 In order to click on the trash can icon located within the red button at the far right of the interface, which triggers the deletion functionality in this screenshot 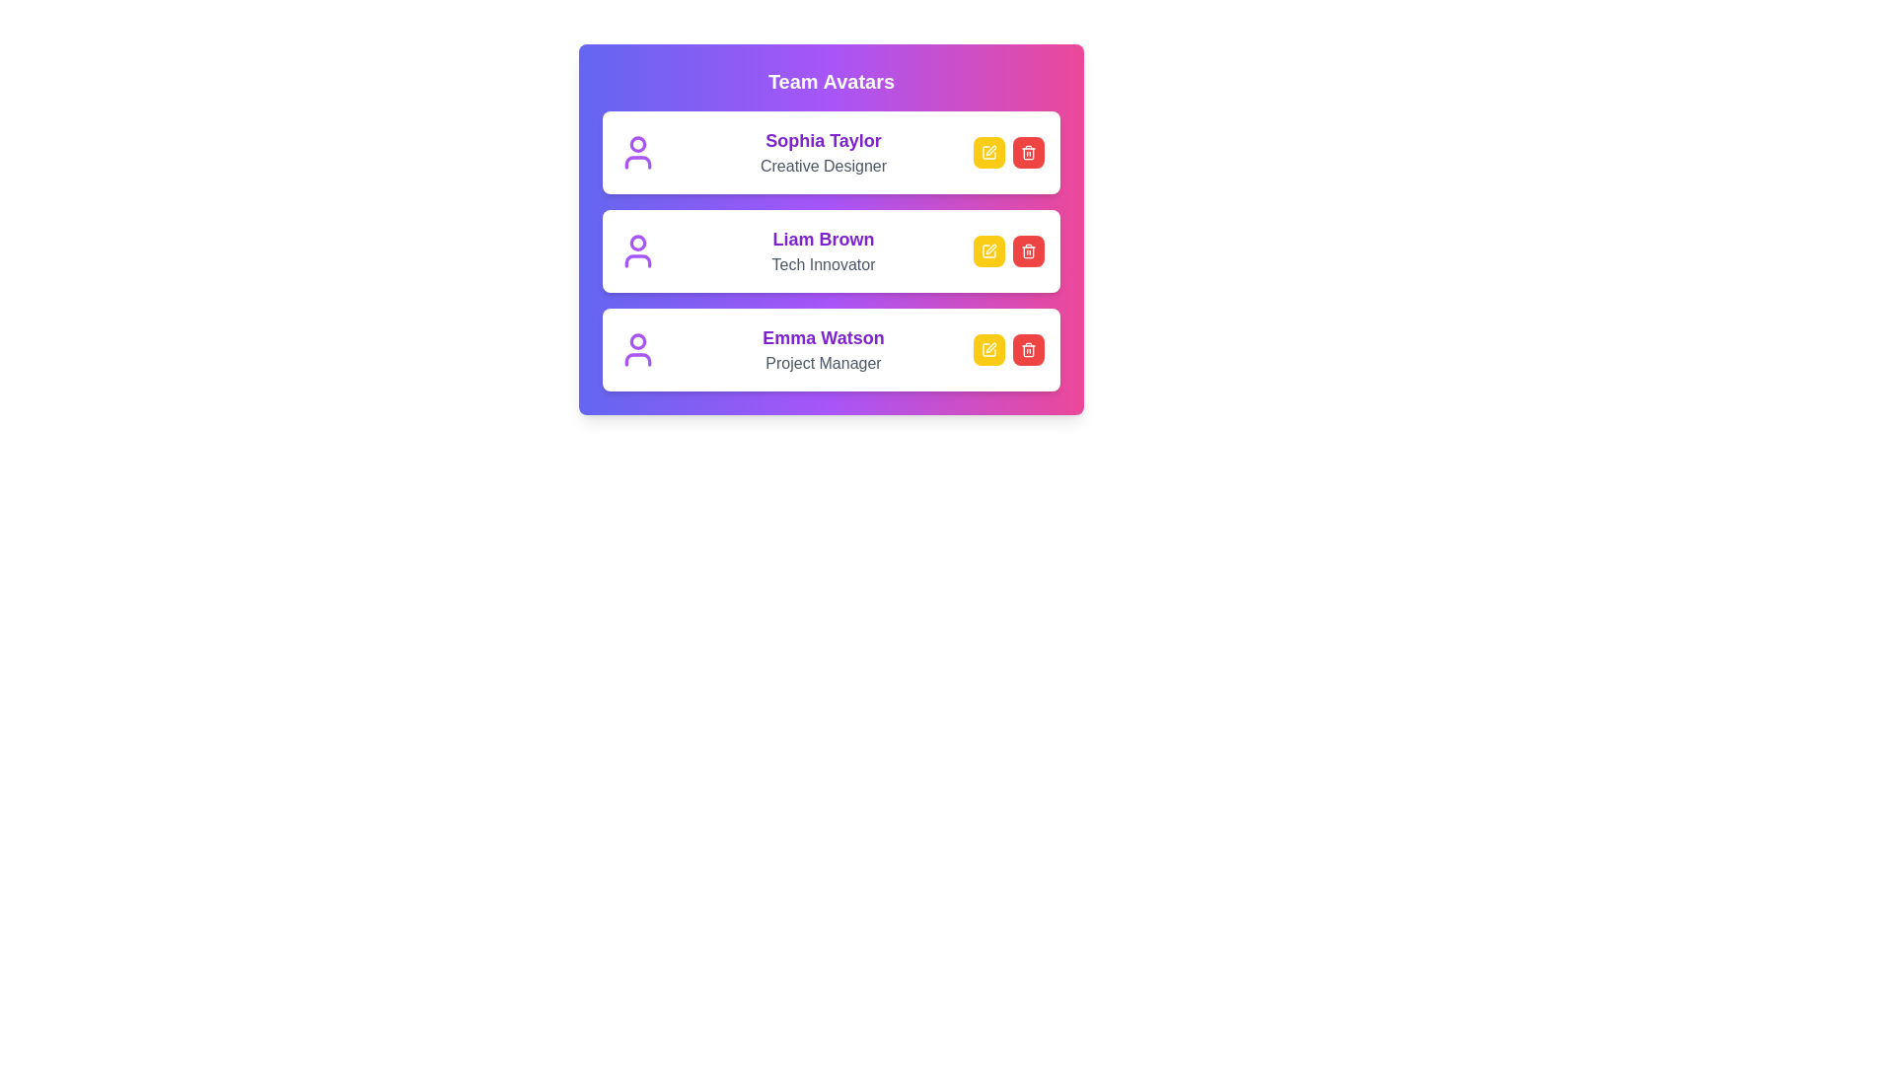, I will do `click(1027, 349)`.